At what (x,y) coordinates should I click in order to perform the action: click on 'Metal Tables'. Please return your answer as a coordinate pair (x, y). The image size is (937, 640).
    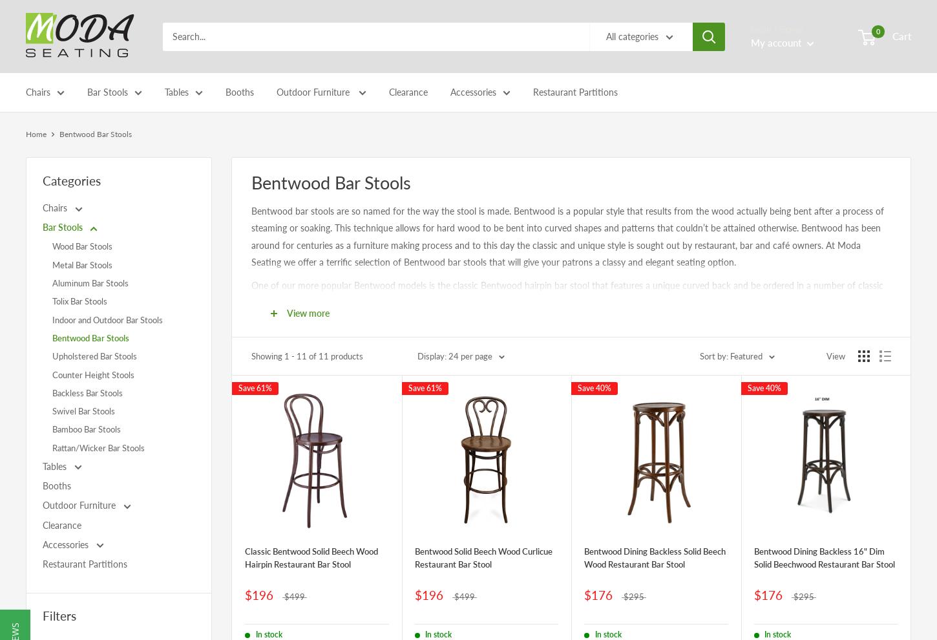
    Looking at the image, I should click on (193, 209).